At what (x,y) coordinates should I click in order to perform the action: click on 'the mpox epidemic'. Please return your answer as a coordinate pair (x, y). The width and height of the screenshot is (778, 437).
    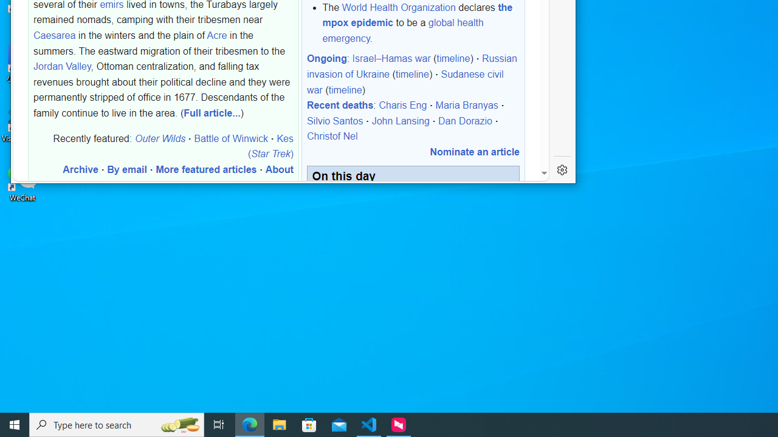
    Looking at the image, I should click on (417, 15).